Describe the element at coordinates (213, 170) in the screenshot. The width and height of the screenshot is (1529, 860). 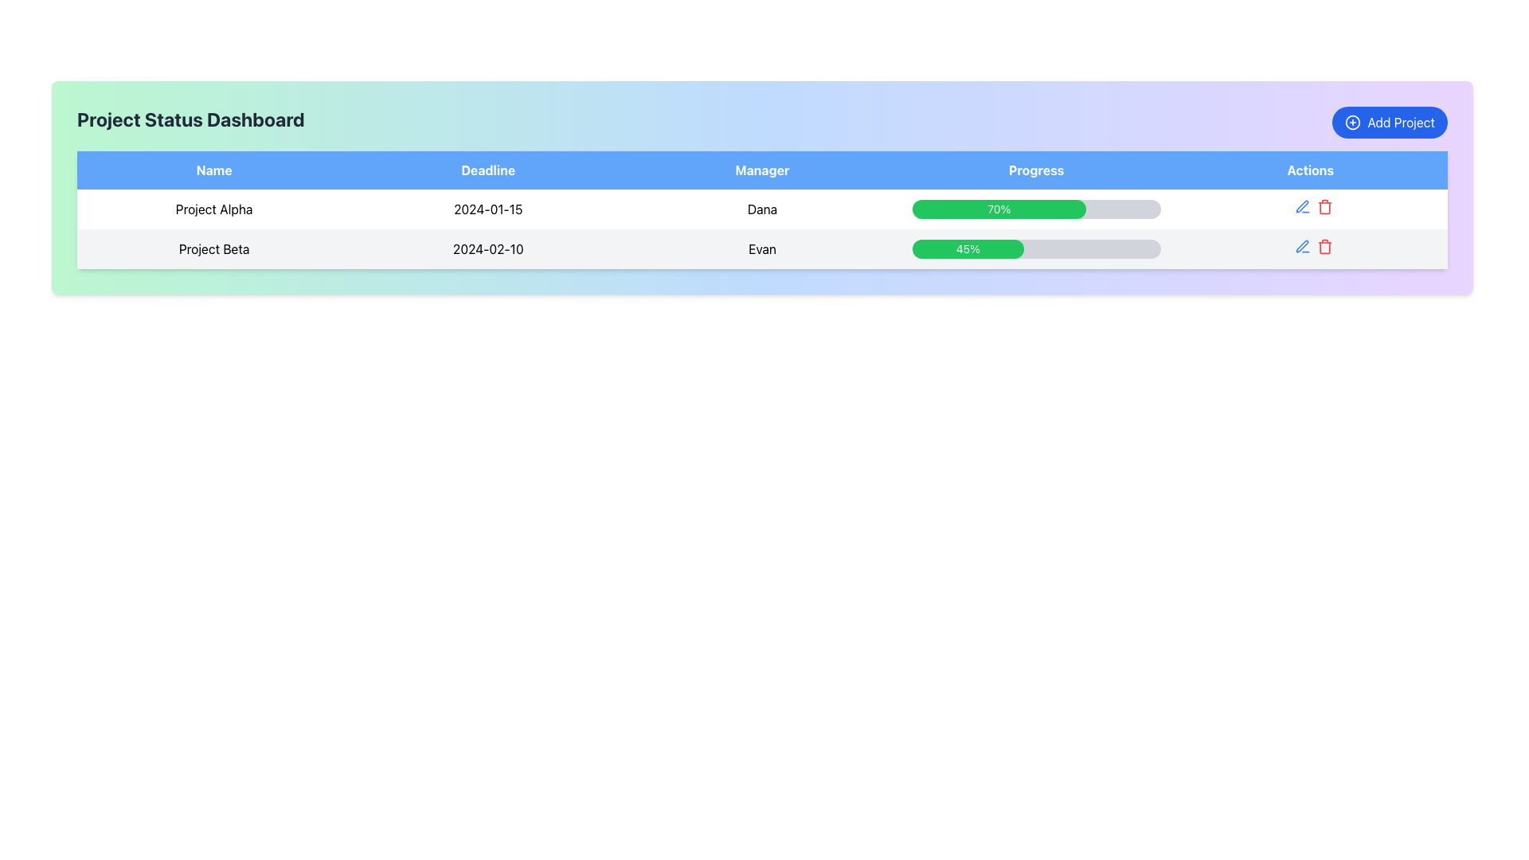
I see `the Table Header Cell labeled 'Name' which has a blue background and white text, located on the far left of the row` at that location.